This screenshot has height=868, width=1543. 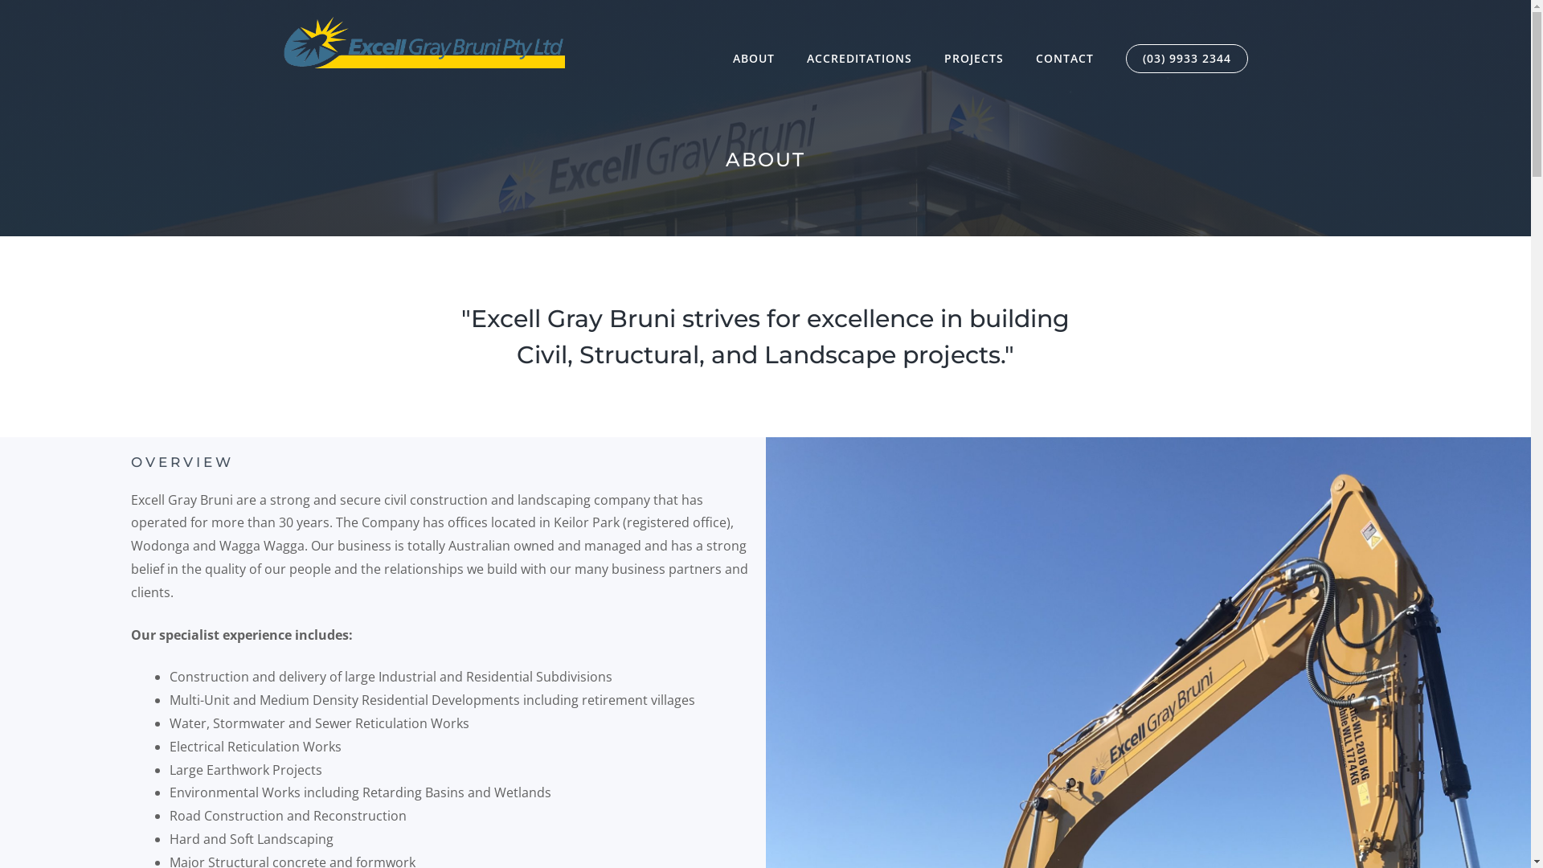 What do you see at coordinates (1064, 57) in the screenshot?
I see `'CONTACT'` at bounding box center [1064, 57].